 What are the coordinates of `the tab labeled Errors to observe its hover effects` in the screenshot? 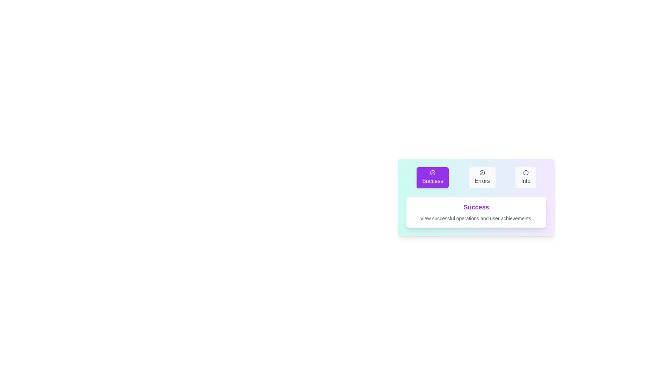 It's located at (481, 177).